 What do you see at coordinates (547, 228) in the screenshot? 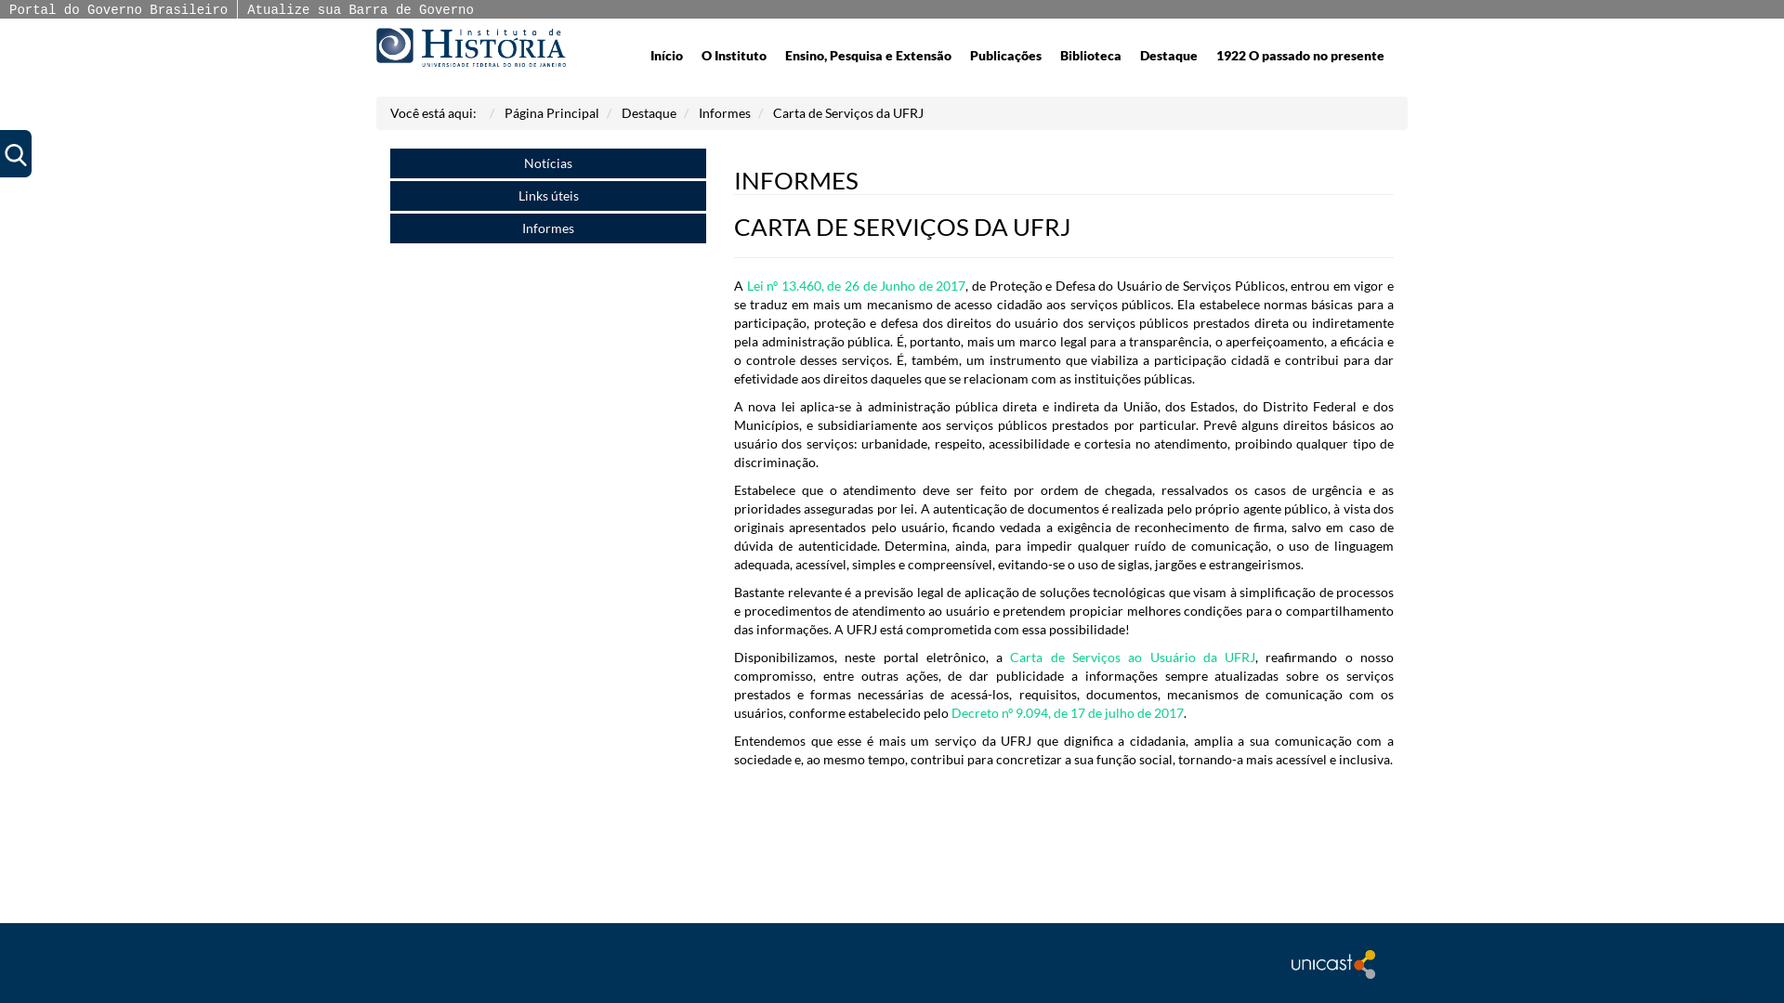
I see `'Informes'` at bounding box center [547, 228].